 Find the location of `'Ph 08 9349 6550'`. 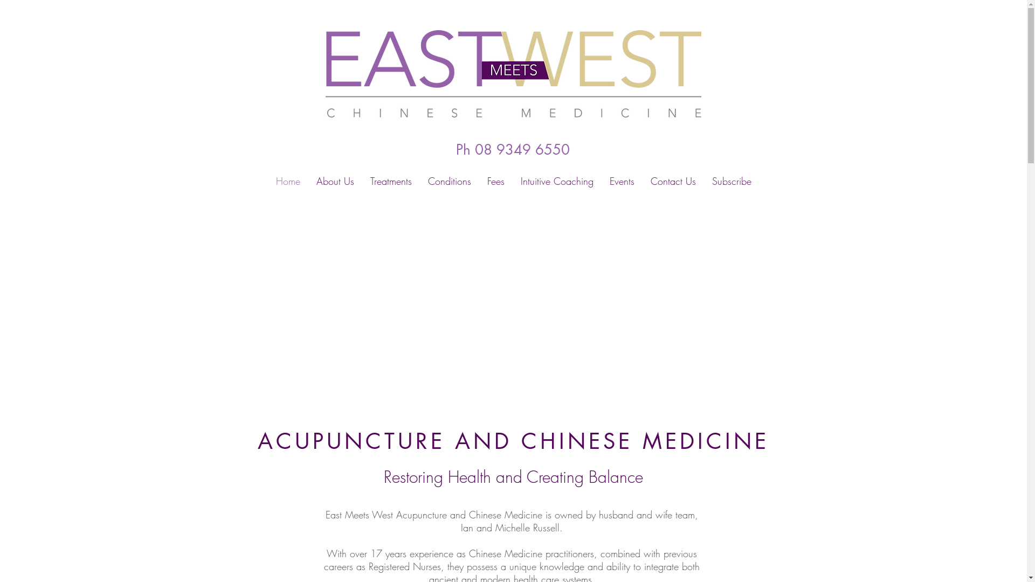

'Ph 08 9349 6550' is located at coordinates (512, 149).